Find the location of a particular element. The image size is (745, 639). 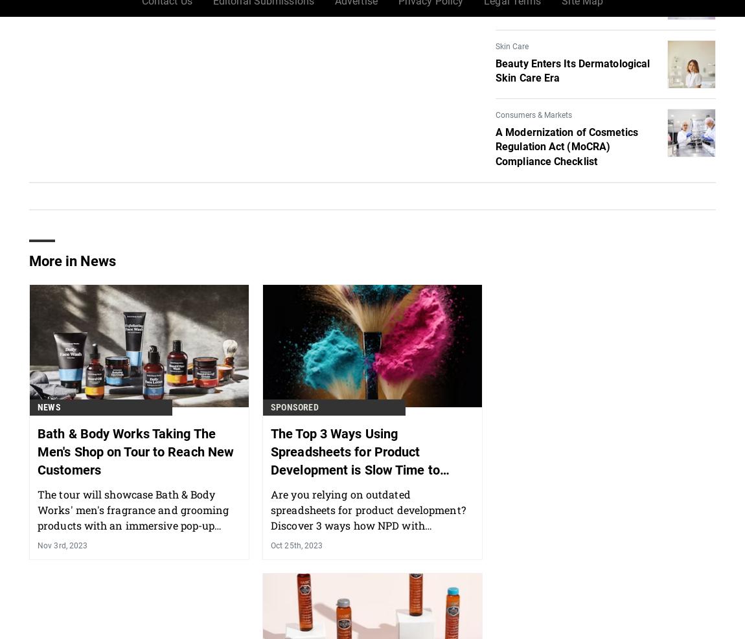

'The Top 3 Ways Using Spreadsheets for Product Development is Slow Time to Market' is located at coordinates (354, 528).